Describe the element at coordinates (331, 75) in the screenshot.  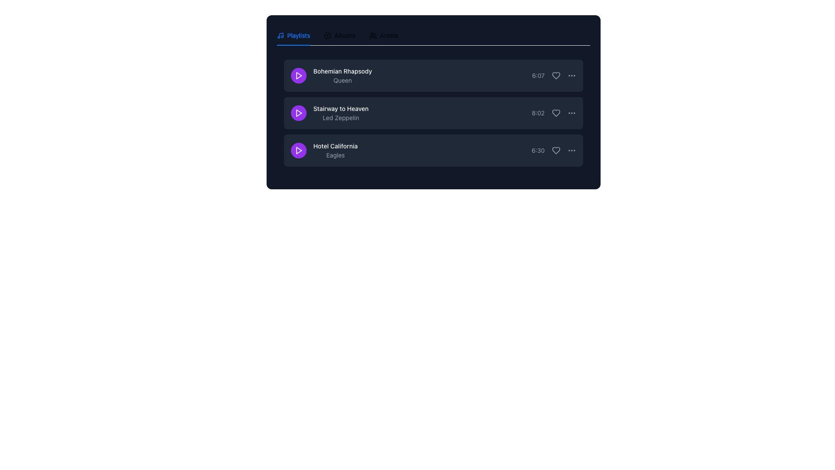
I see `the first song item in the playlist` at that location.